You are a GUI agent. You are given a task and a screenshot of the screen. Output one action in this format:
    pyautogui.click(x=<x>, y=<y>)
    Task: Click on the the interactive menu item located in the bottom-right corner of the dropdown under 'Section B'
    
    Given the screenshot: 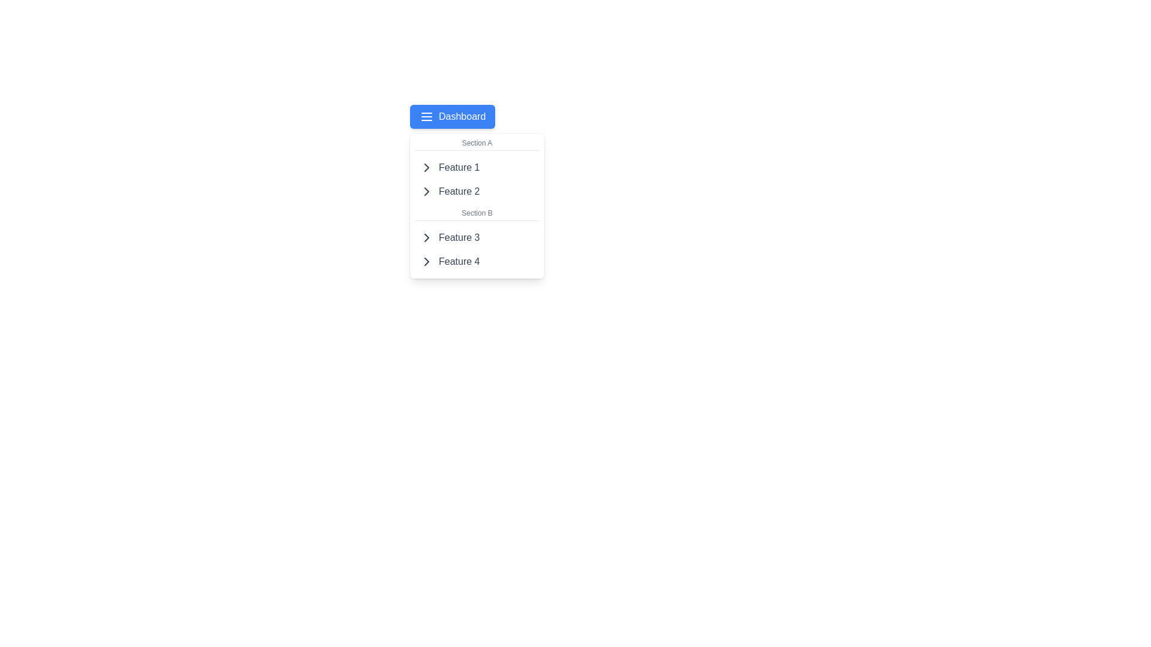 What is the action you would take?
    pyautogui.click(x=477, y=261)
    